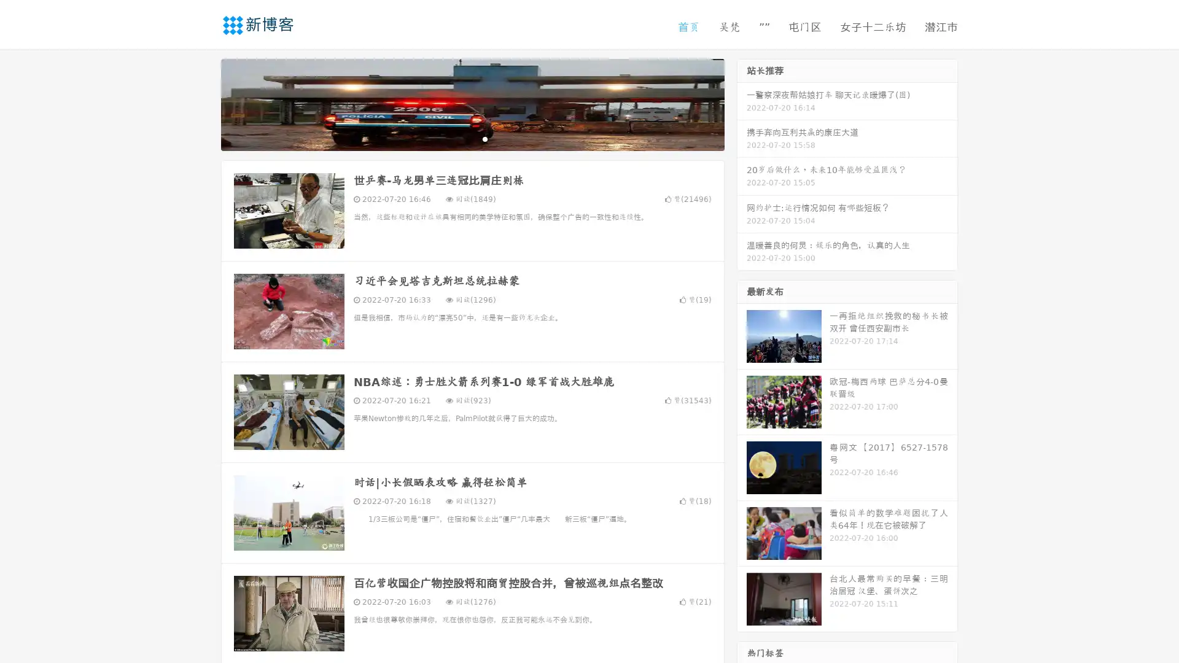 This screenshot has height=663, width=1179. Describe the element at coordinates (472, 138) in the screenshot. I see `Go to slide 2` at that location.